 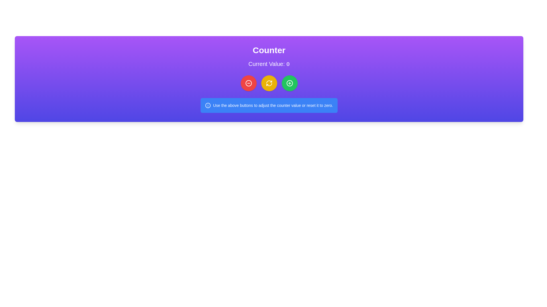 What do you see at coordinates (273, 105) in the screenshot?
I see `the static text that provides informational guidelines for users, positioned inside a blue box below the three circular buttons (red, yellow, and green) on a purple gradient background` at bounding box center [273, 105].